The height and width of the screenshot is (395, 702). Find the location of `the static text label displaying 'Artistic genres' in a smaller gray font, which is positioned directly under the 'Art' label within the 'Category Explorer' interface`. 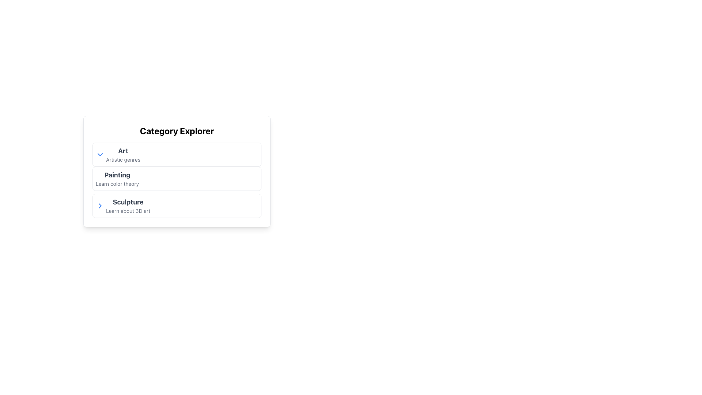

the static text label displaying 'Artistic genres' in a smaller gray font, which is positioned directly under the 'Art' label within the 'Category Explorer' interface is located at coordinates (123, 159).